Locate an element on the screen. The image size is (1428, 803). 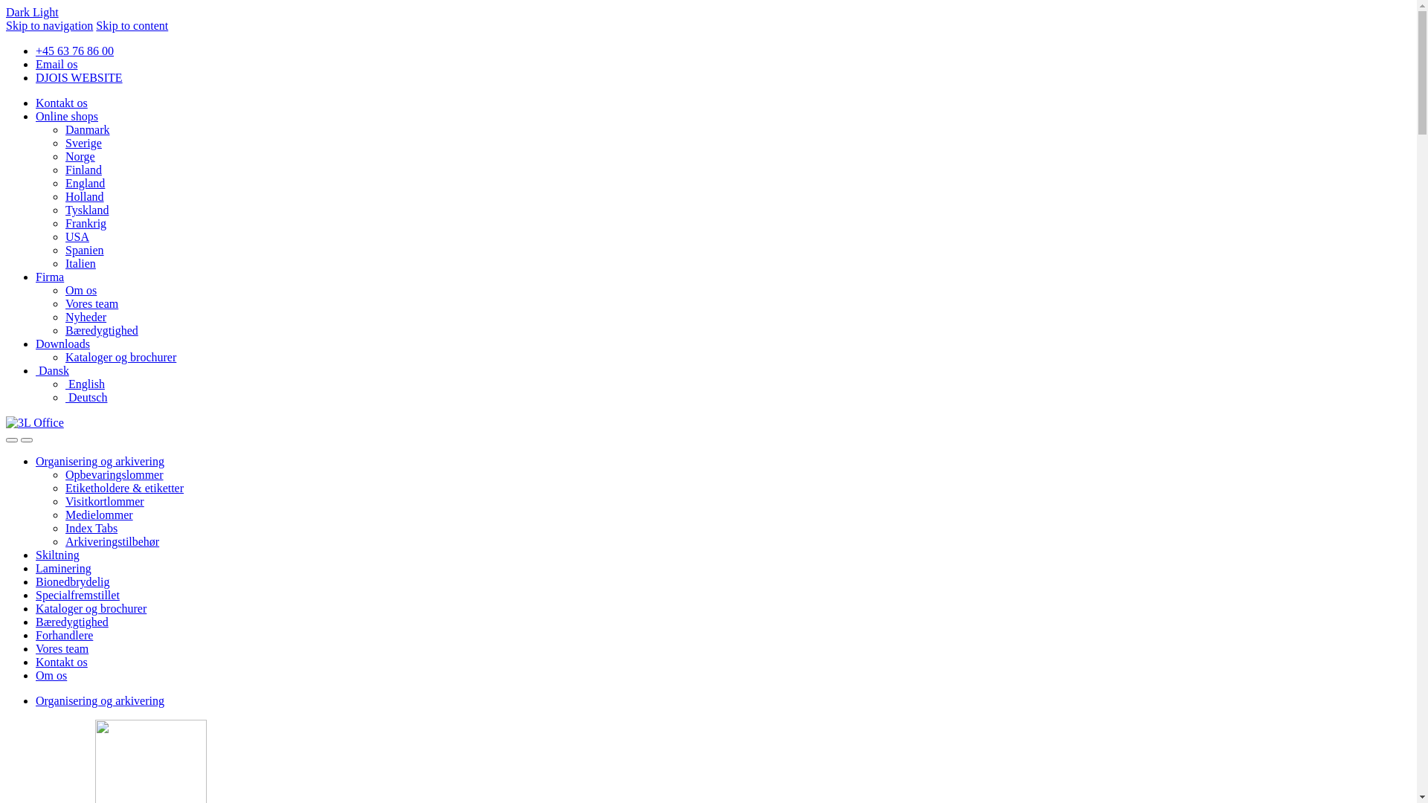
'Visitkortlommer' is located at coordinates (103, 501).